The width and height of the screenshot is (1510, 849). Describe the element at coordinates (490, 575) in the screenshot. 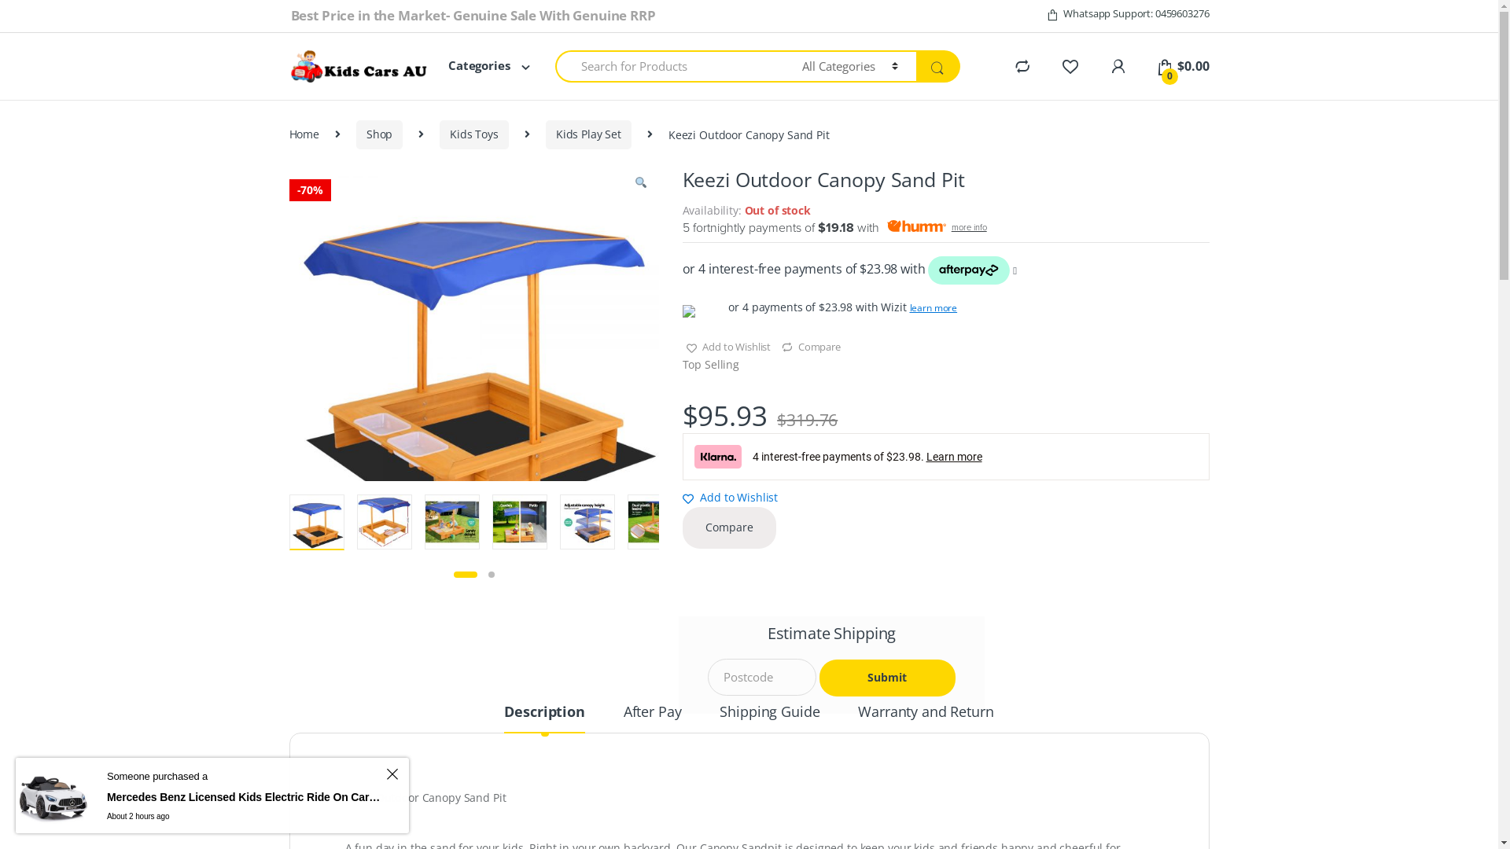

I see `'2'` at that location.